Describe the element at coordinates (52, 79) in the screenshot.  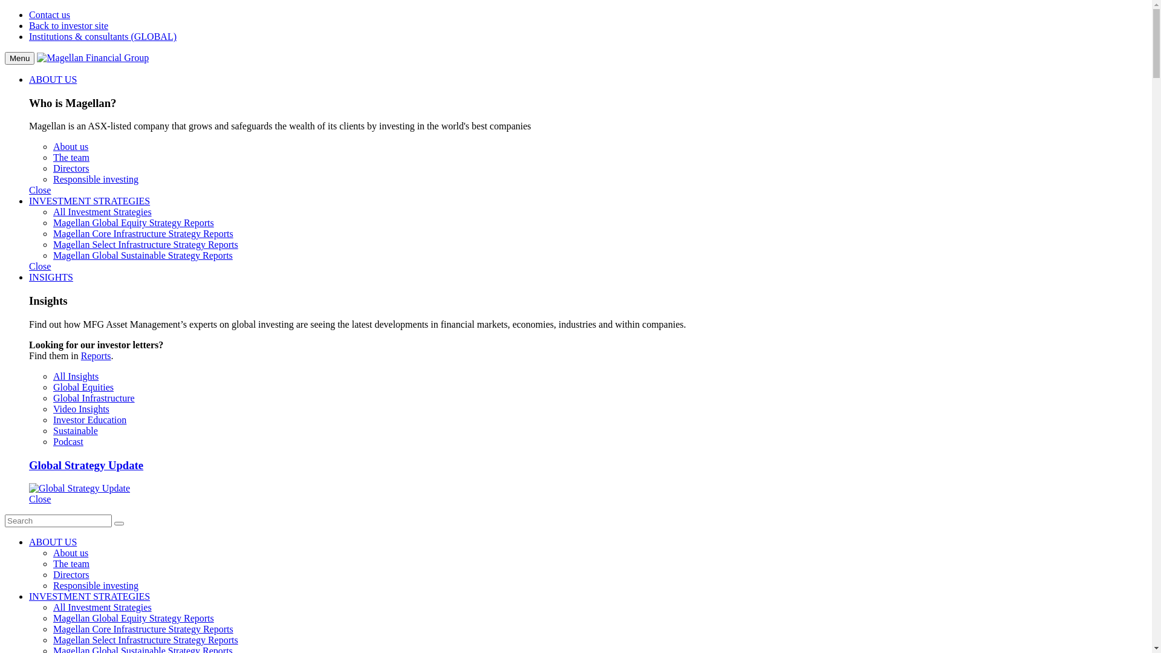
I see `'ABOUT US'` at that location.